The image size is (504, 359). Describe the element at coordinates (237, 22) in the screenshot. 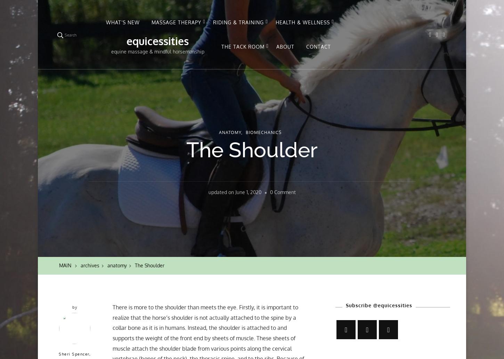

I see `'RIDING & TRAINING'` at that location.